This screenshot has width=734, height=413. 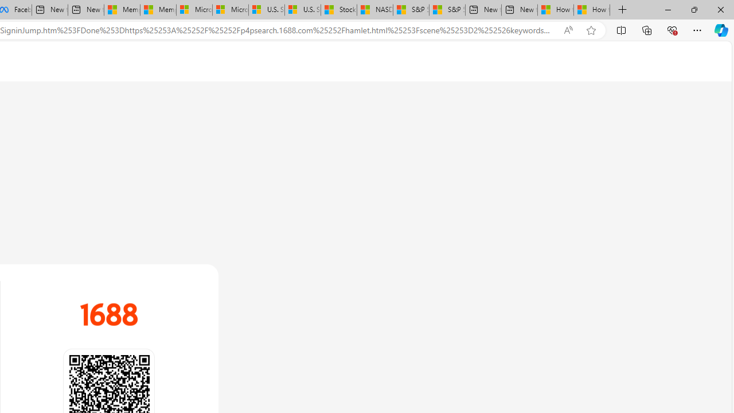 What do you see at coordinates (591, 30) in the screenshot?
I see `'Add this page to favorites (Ctrl+D)'` at bounding box center [591, 30].